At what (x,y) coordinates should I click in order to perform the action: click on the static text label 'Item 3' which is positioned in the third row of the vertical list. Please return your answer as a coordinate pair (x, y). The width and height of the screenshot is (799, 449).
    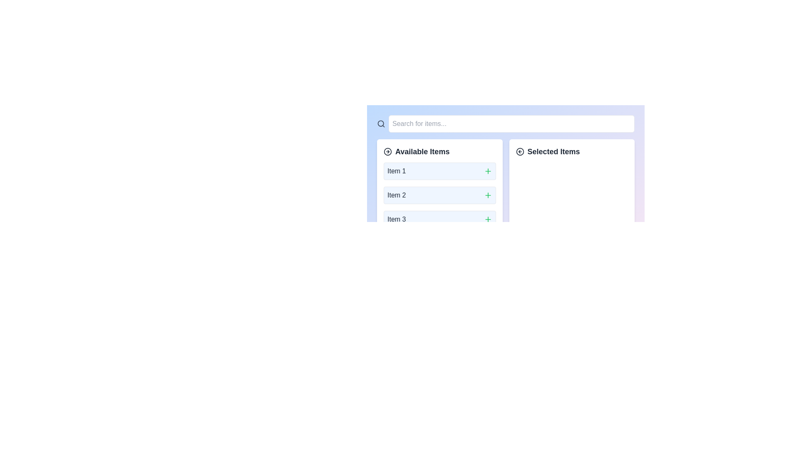
    Looking at the image, I should click on (396, 219).